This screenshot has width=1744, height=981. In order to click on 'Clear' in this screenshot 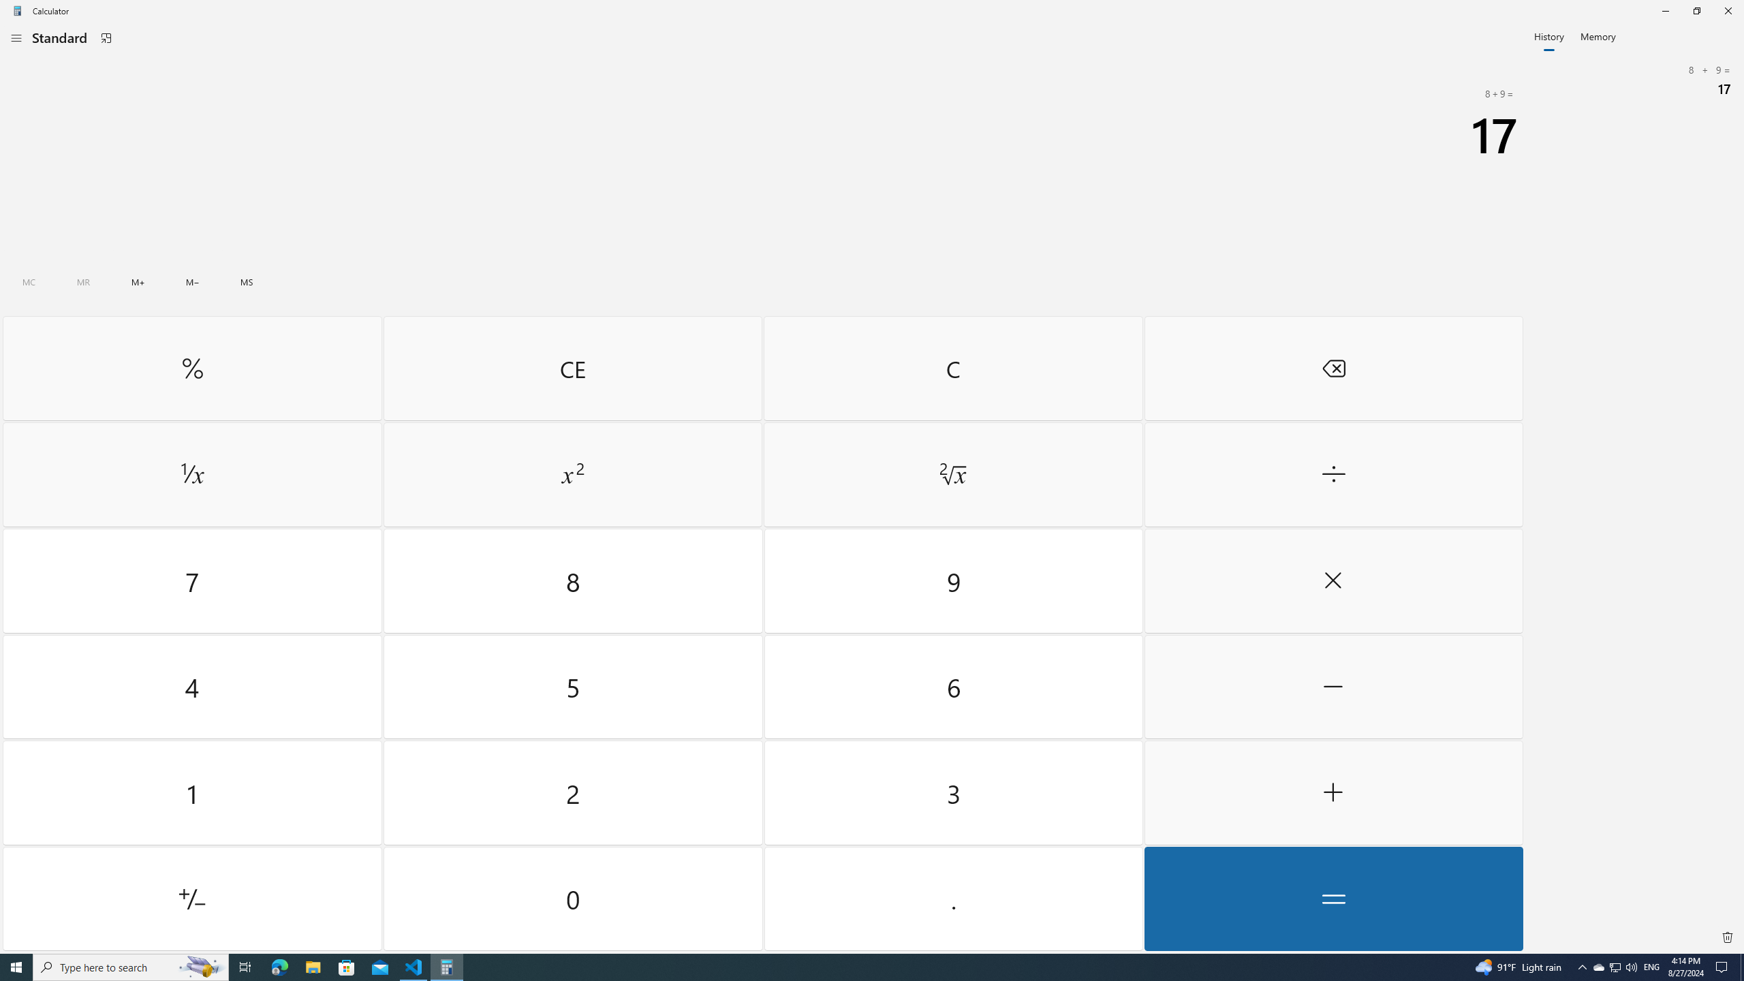, I will do `click(952, 368)`.